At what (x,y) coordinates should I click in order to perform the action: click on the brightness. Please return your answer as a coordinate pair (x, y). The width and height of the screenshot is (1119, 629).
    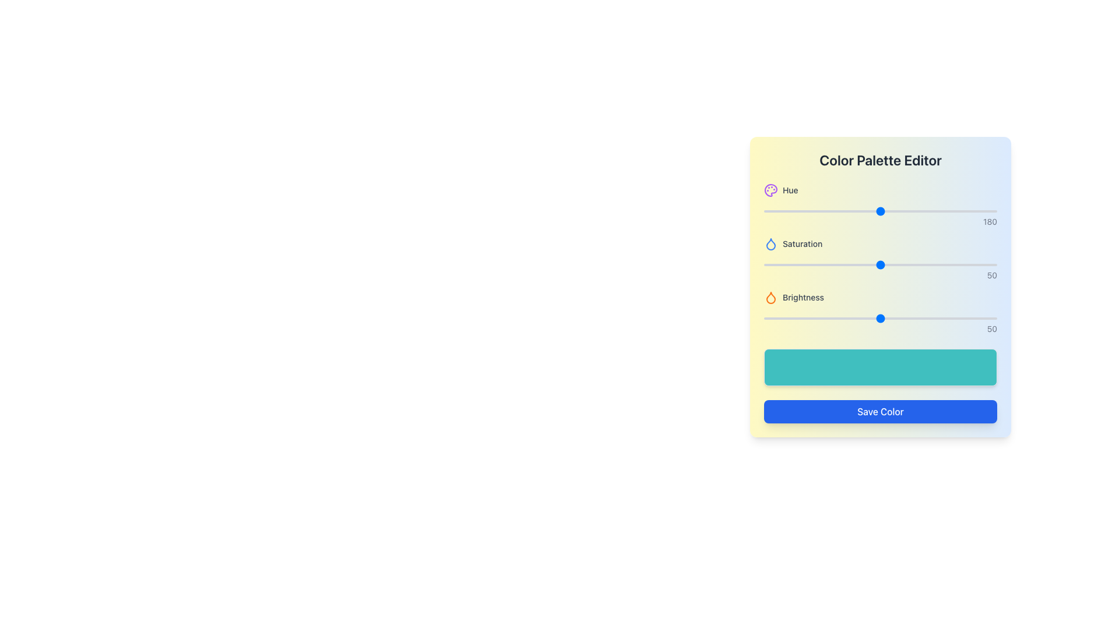
    Looking at the image, I should click on (869, 319).